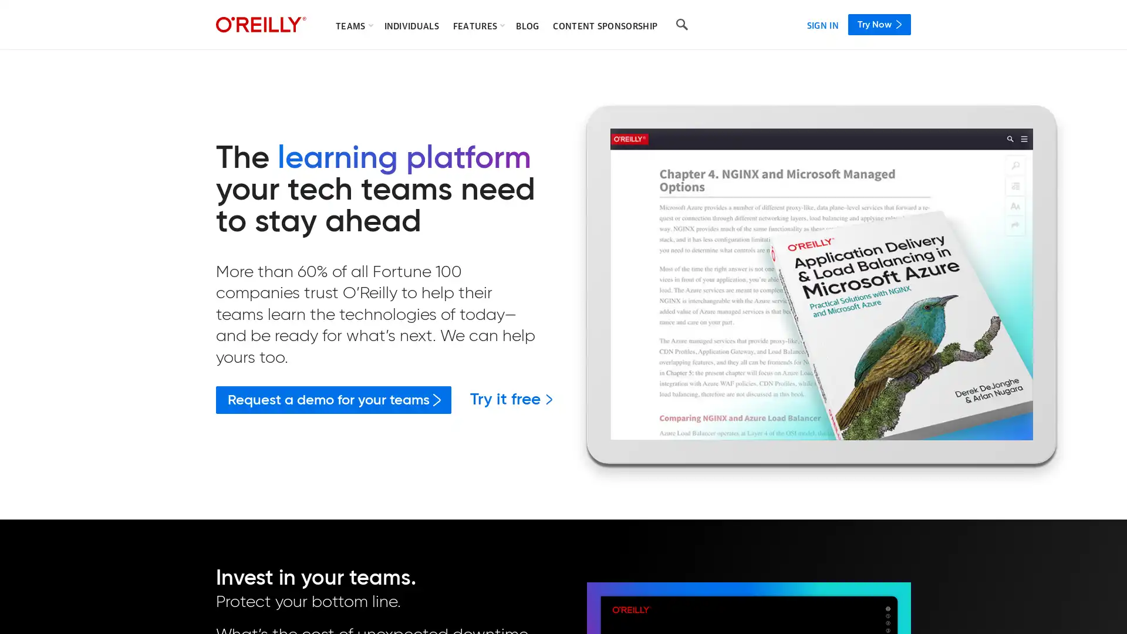 Image resolution: width=1127 pixels, height=634 pixels. Describe the element at coordinates (681, 25) in the screenshot. I see `Search` at that location.